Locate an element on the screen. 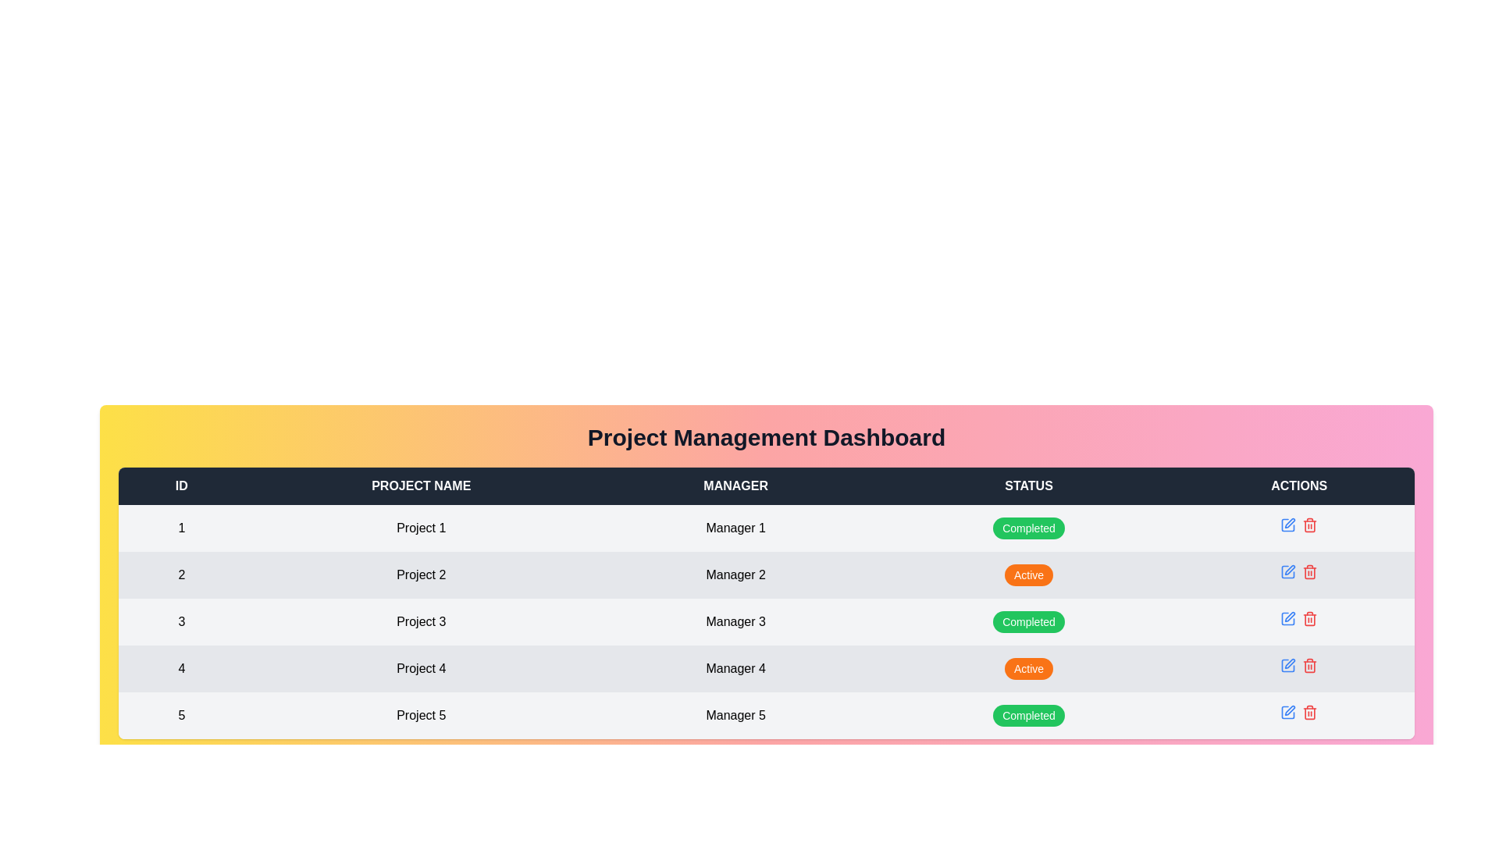 The image size is (1499, 843). the Text Header element which serves as a label for the columns in the table of the Project Management Dashboard is located at coordinates (767, 486).